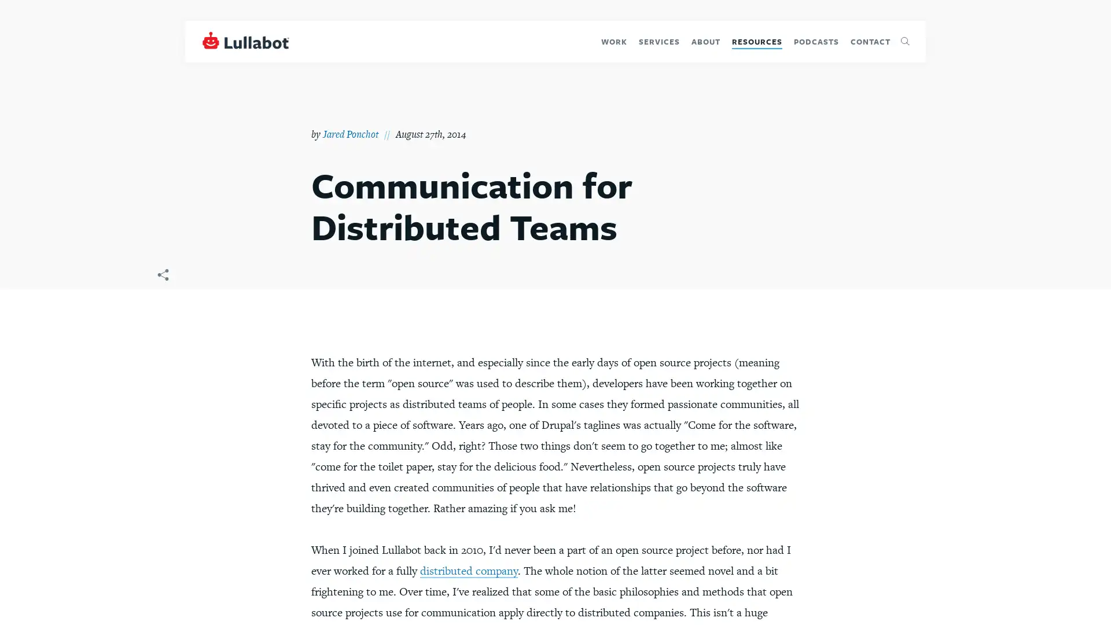 Image resolution: width=1111 pixels, height=625 pixels. I want to click on Share on LinkedIn, so click(153, 343).